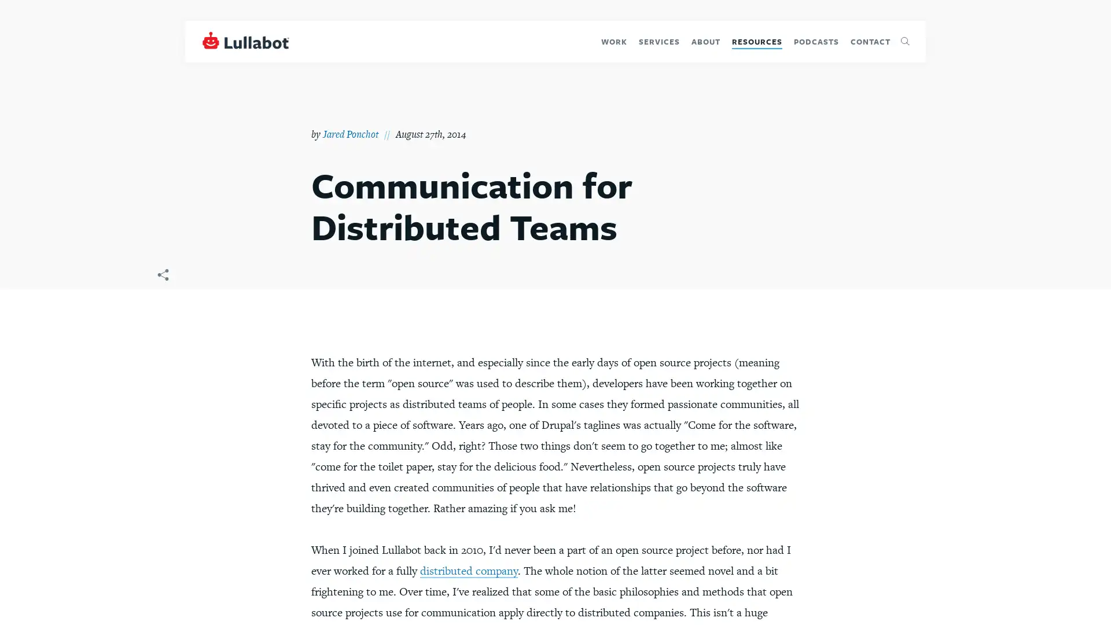 Image resolution: width=1111 pixels, height=625 pixels. I want to click on Share on LinkedIn, so click(153, 343).